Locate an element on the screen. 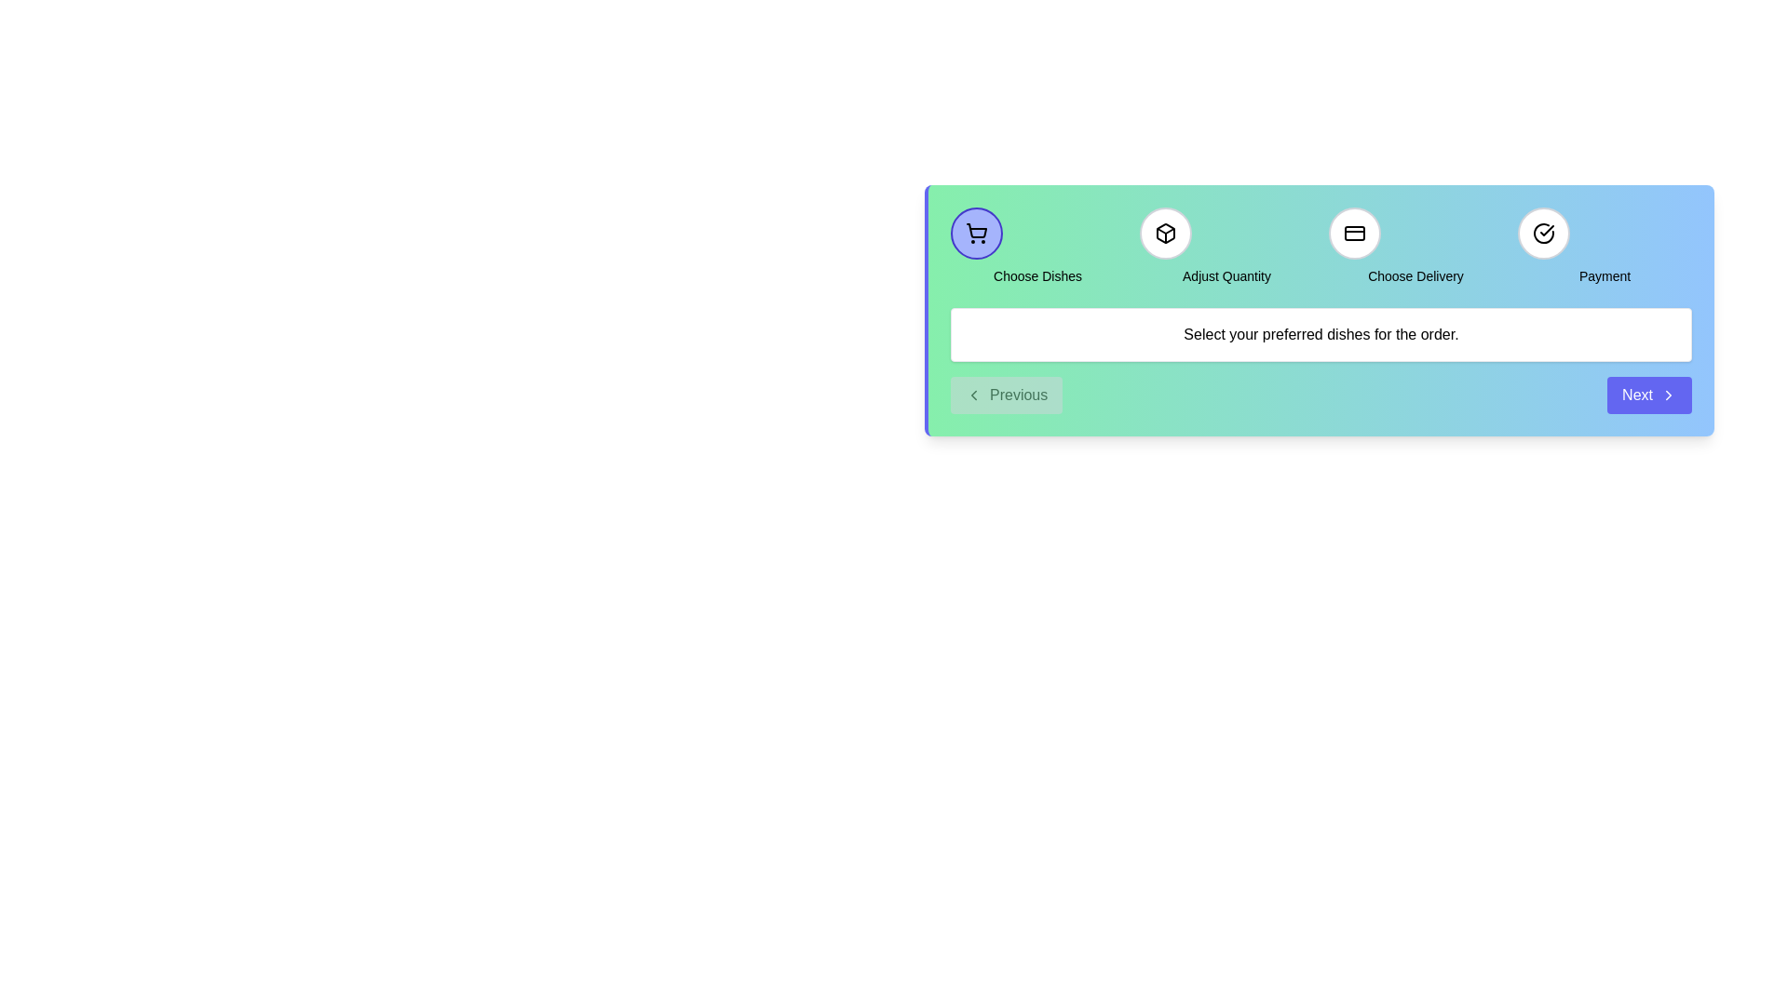 The image size is (1788, 1005). the 'Adjust Quantity' icon located in the upper-middle section of the interface, directly above the text 'Adjust Quantity' in the navigation bar is located at coordinates (1165, 232).